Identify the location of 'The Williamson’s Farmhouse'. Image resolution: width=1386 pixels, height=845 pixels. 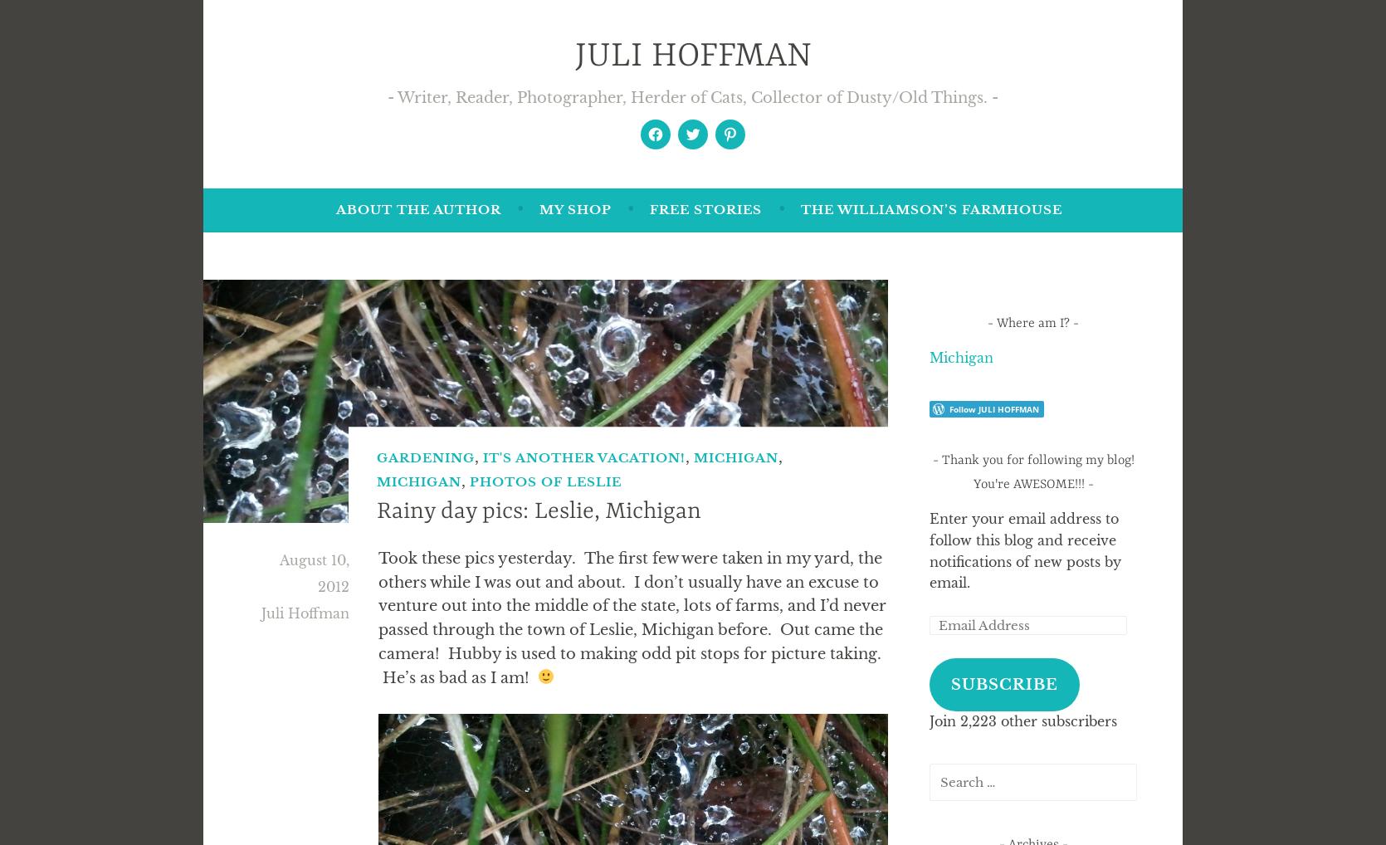
(798, 208).